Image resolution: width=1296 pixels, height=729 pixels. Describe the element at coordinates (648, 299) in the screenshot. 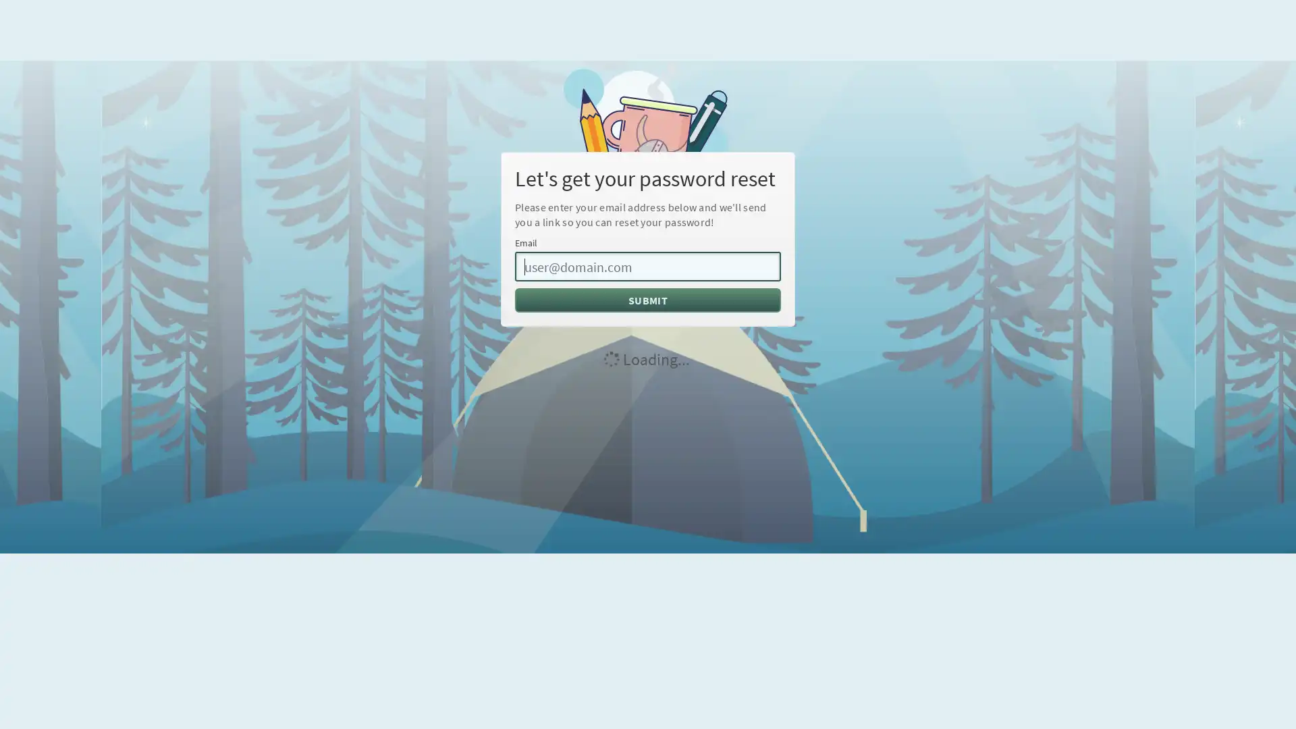

I see `SUBMIT` at that location.